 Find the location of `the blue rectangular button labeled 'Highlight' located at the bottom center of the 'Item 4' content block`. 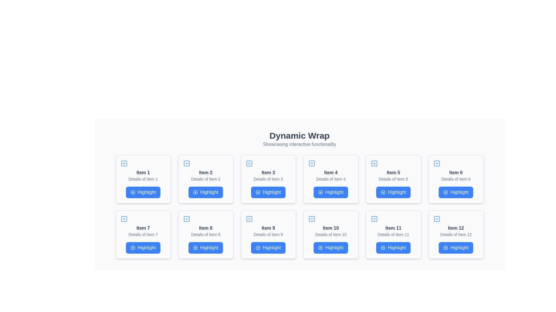

the blue rectangular button labeled 'Highlight' located at the bottom center of the 'Item 4' content block is located at coordinates (331, 192).